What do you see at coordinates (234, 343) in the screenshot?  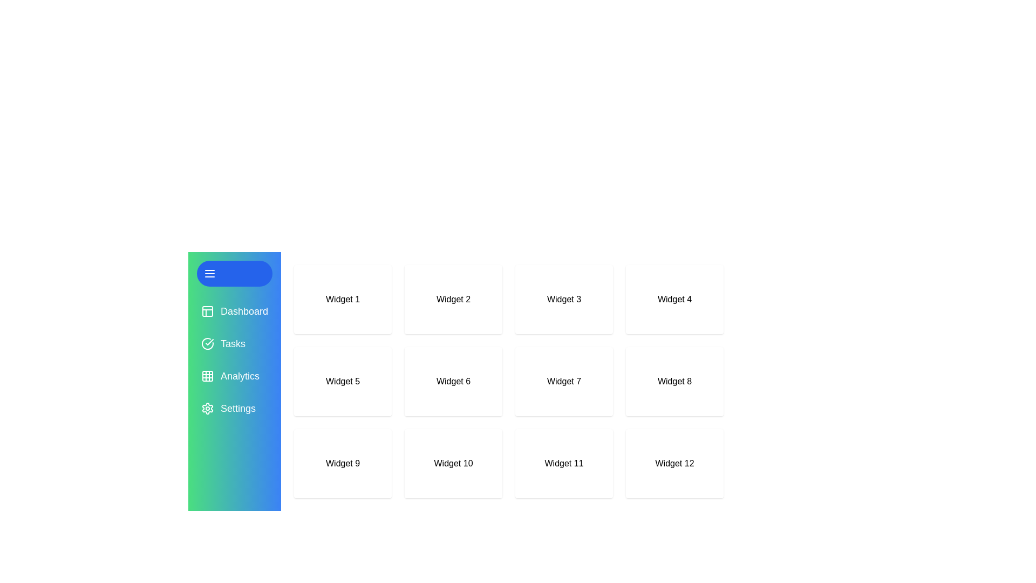 I see `the navigation menu item Tasks` at bounding box center [234, 343].